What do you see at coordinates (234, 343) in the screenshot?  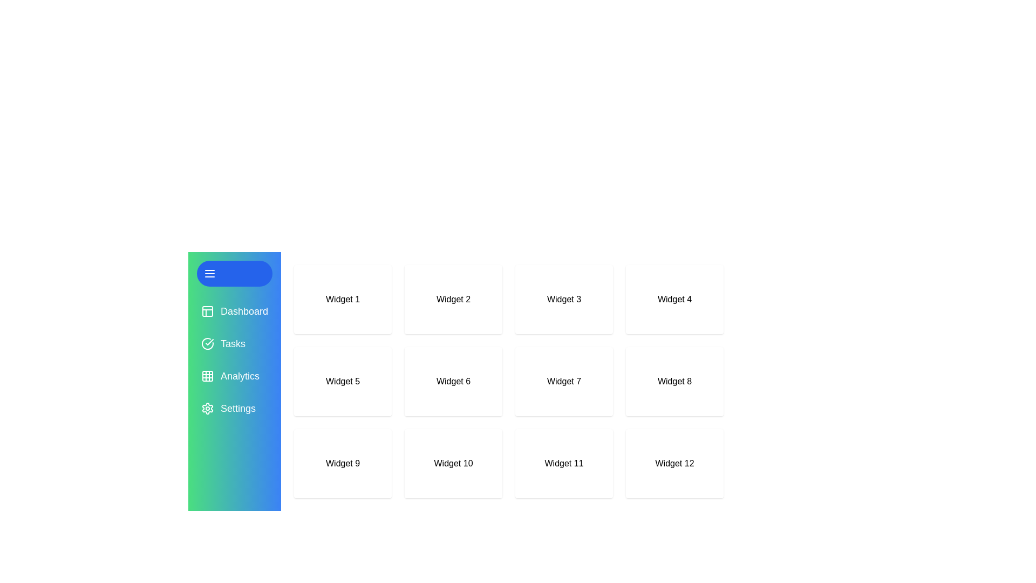 I see `the navigation menu item Tasks` at bounding box center [234, 343].